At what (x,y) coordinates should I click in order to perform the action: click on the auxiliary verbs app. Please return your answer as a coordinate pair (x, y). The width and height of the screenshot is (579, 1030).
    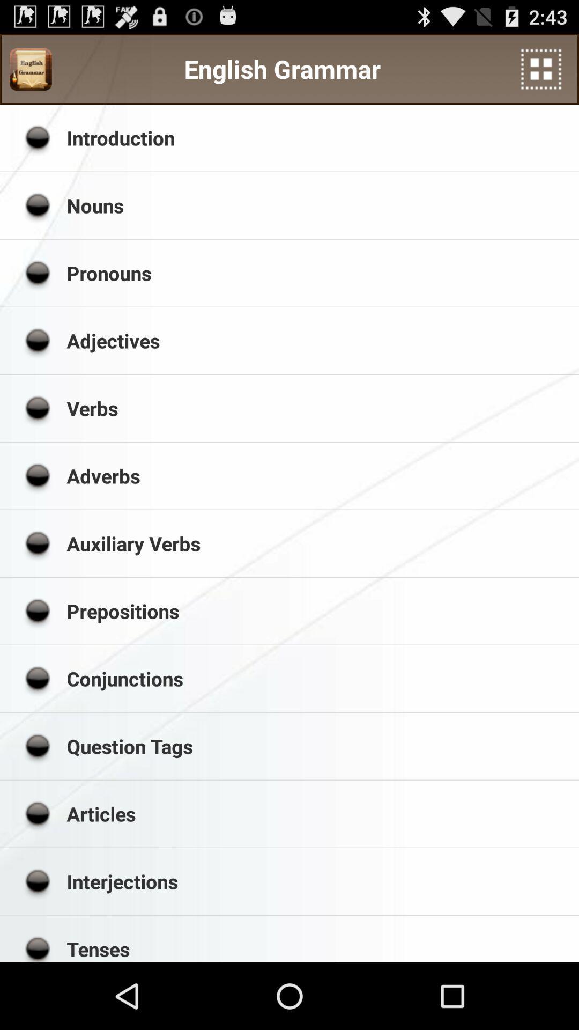
    Looking at the image, I should click on (318, 543).